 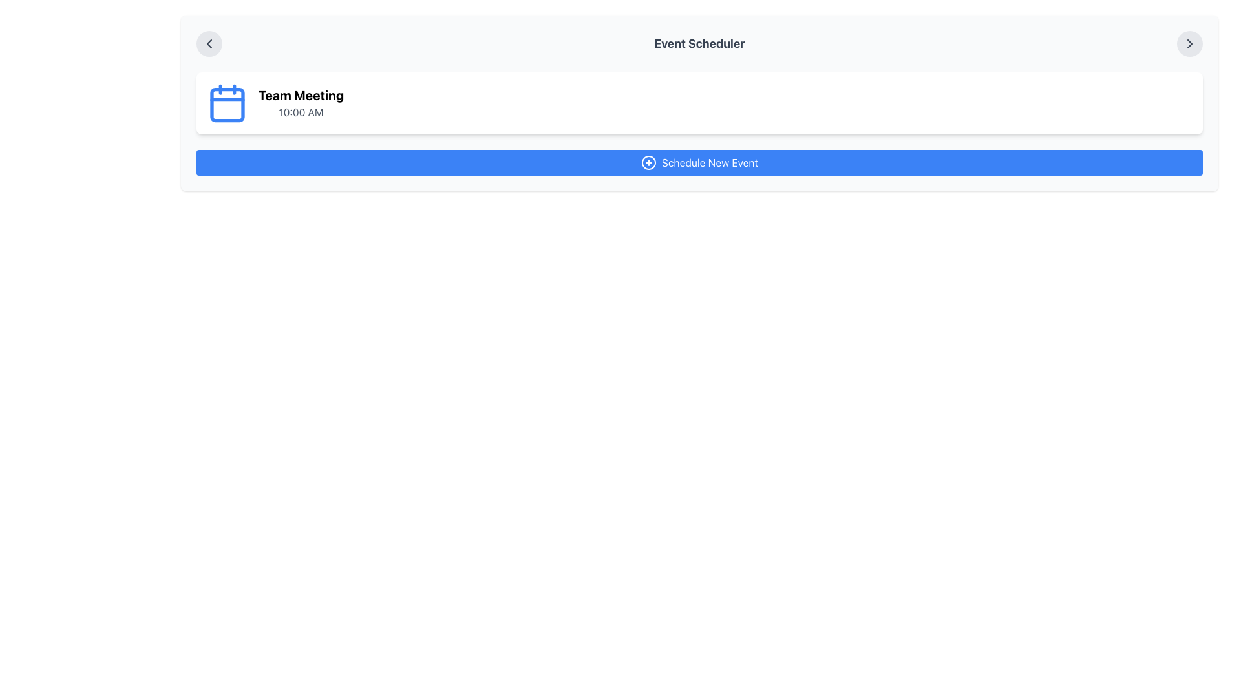 What do you see at coordinates (300, 94) in the screenshot?
I see `the bold text label reading 'Team Meeting' located at the top part of the card, above the '10:00 AM' text and to the right of the blue calendar icon` at bounding box center [300, 94].